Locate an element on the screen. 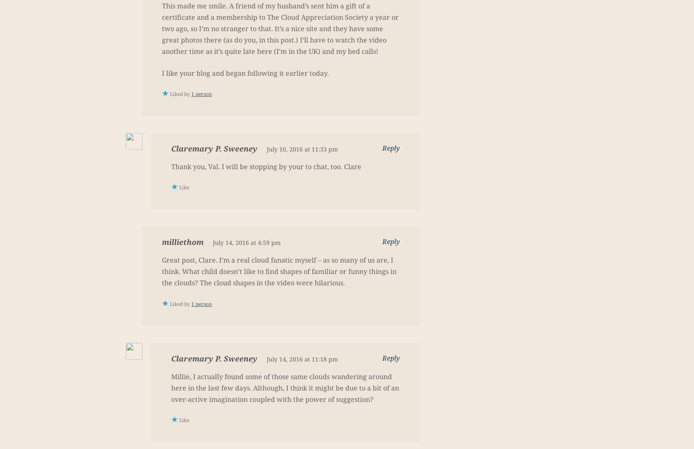 This screenshot has height=449, width=694. 'Thank you, Val. I will be stopping by your to chat, too.    Clare' is located at coordinates (265, 166).